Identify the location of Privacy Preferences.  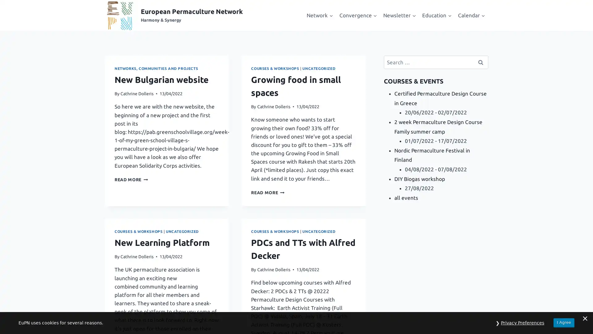
(522, 323).